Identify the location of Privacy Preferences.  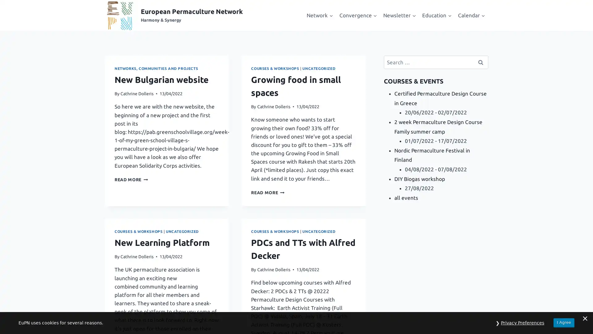
(522, 323).